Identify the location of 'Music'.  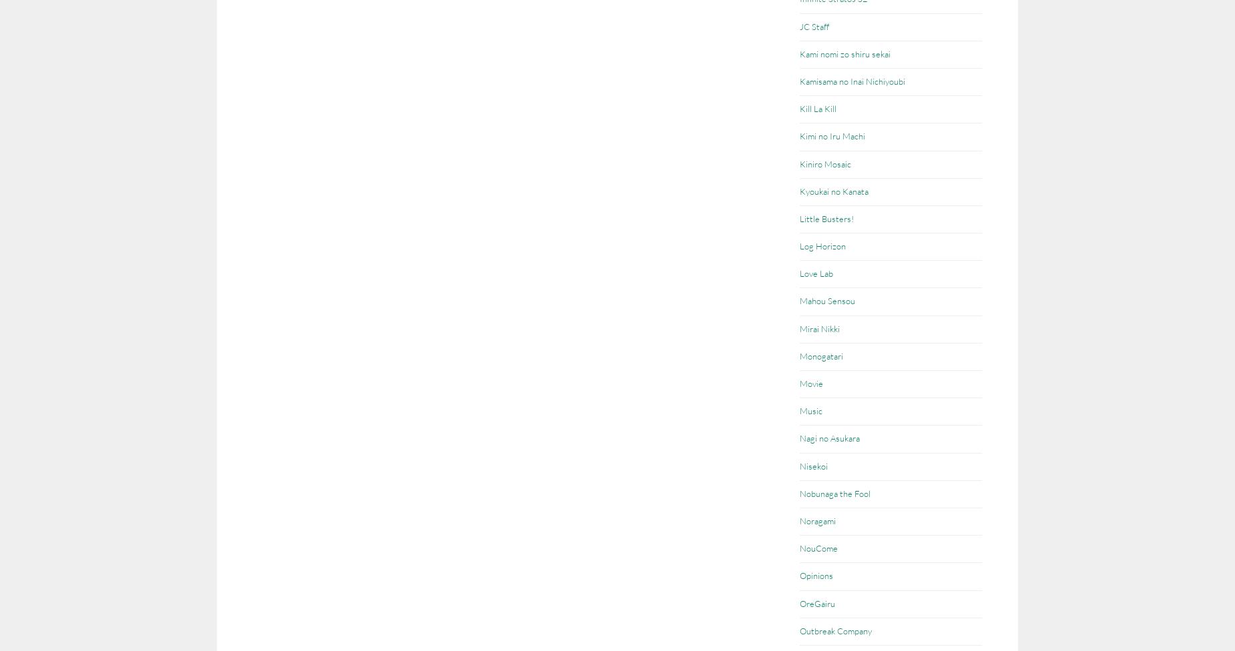
(799, 410).